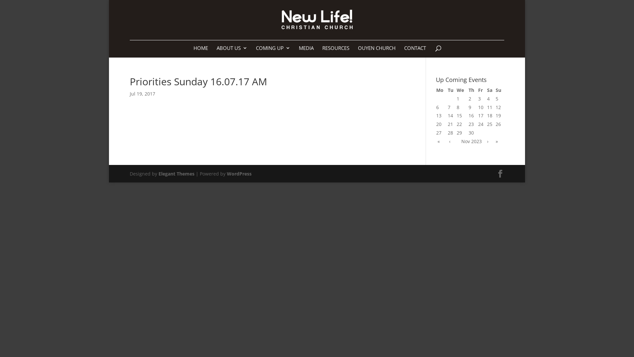 The image size is (634, 357). I want to click on 'RESOURCES', so click(336, 51).